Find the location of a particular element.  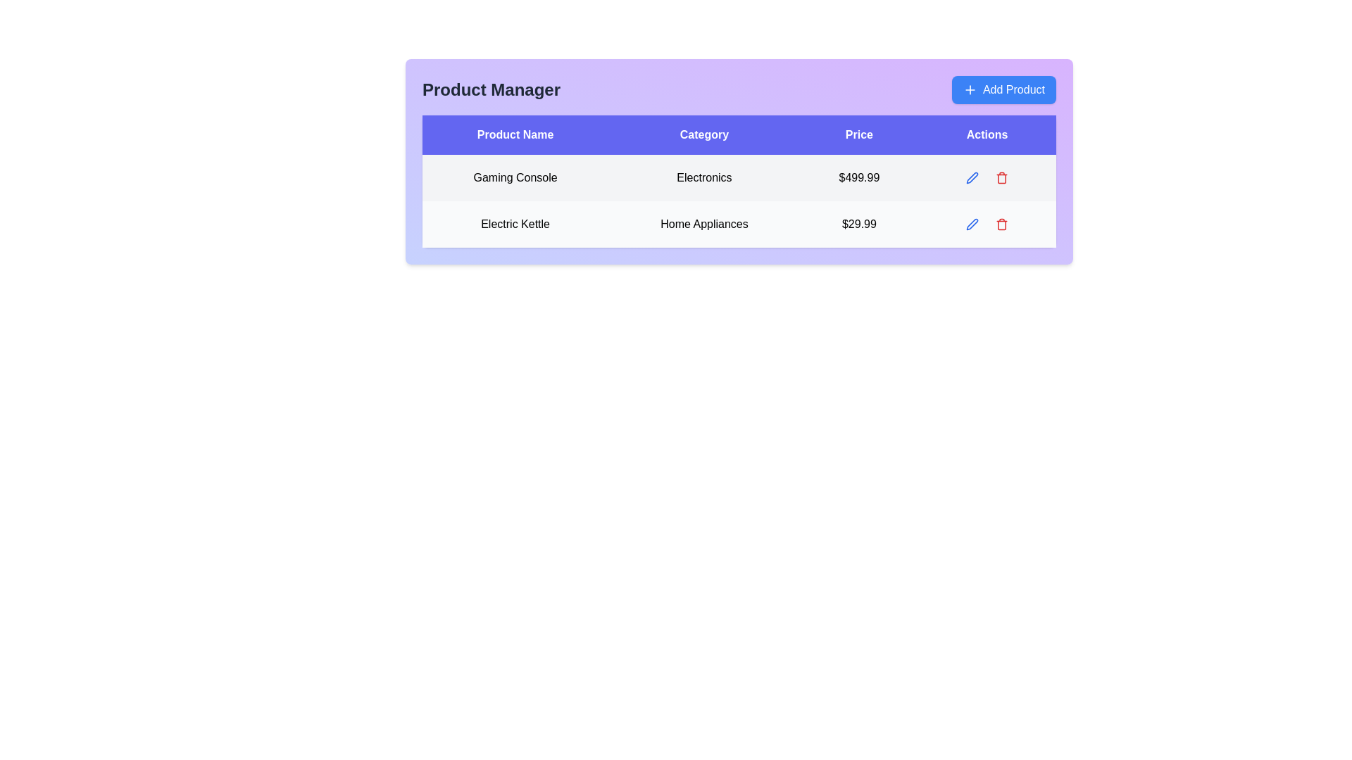

the 'Edit' icon located in the second row of the 'Actions' column to initiate editing the 'Electric Kettle' entry is located at coordinates (972, 176).